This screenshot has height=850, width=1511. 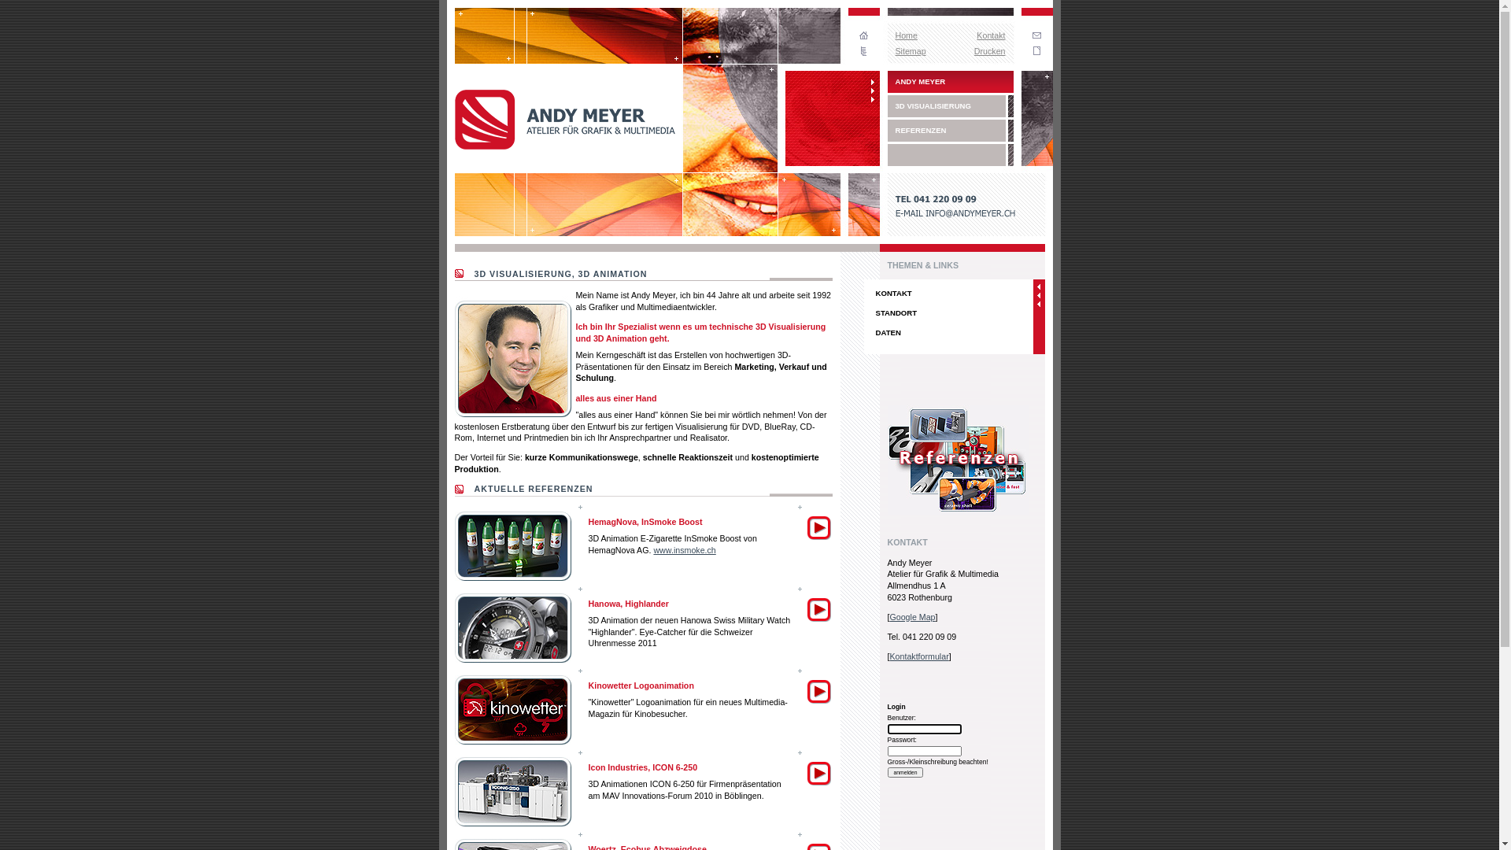 I want to click on 'Google Map', so click(x=911, y=615).